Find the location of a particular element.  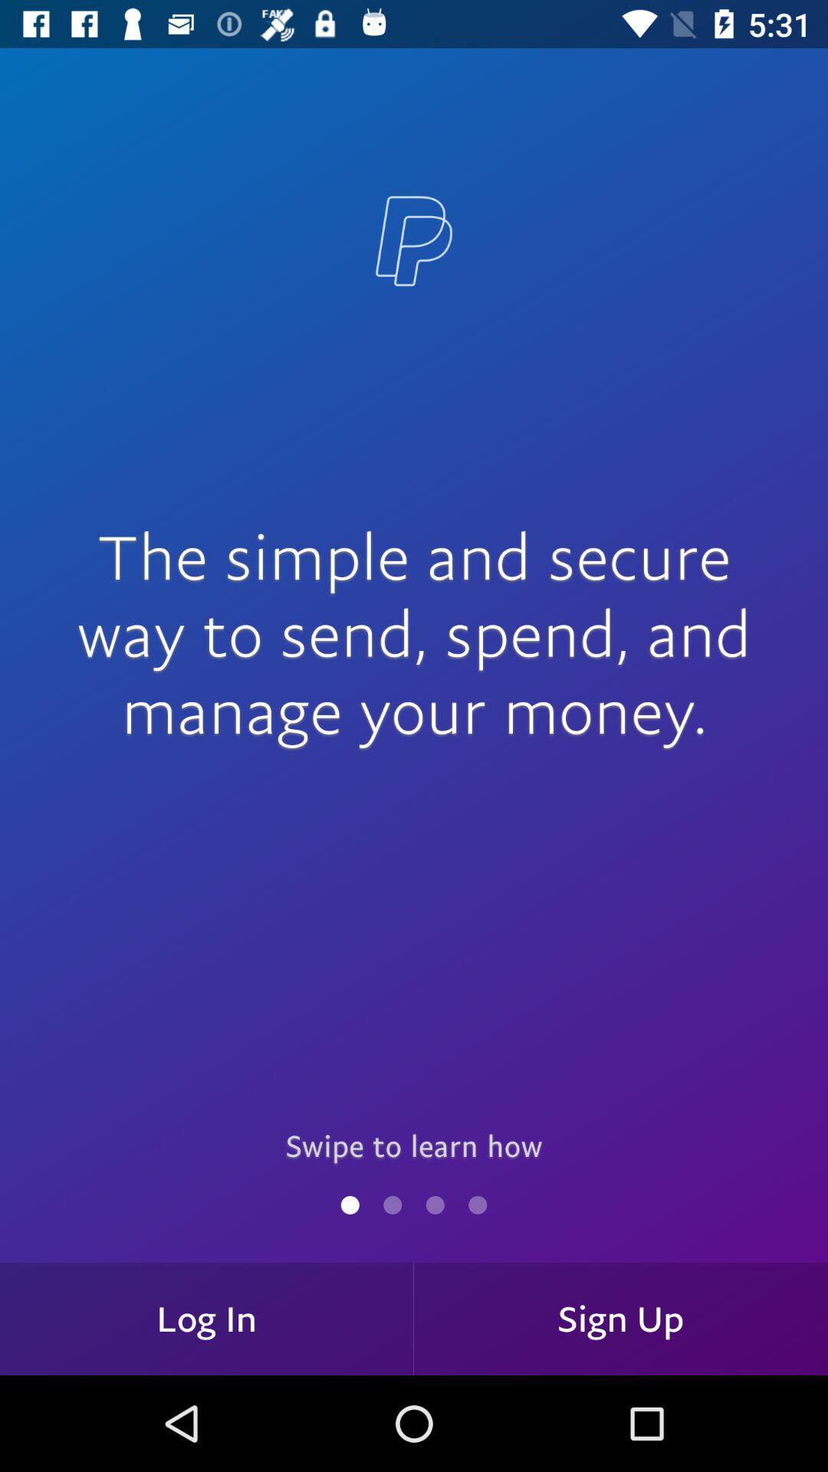

icon to the right of the log in icon is located at coordinates (621, 1318).